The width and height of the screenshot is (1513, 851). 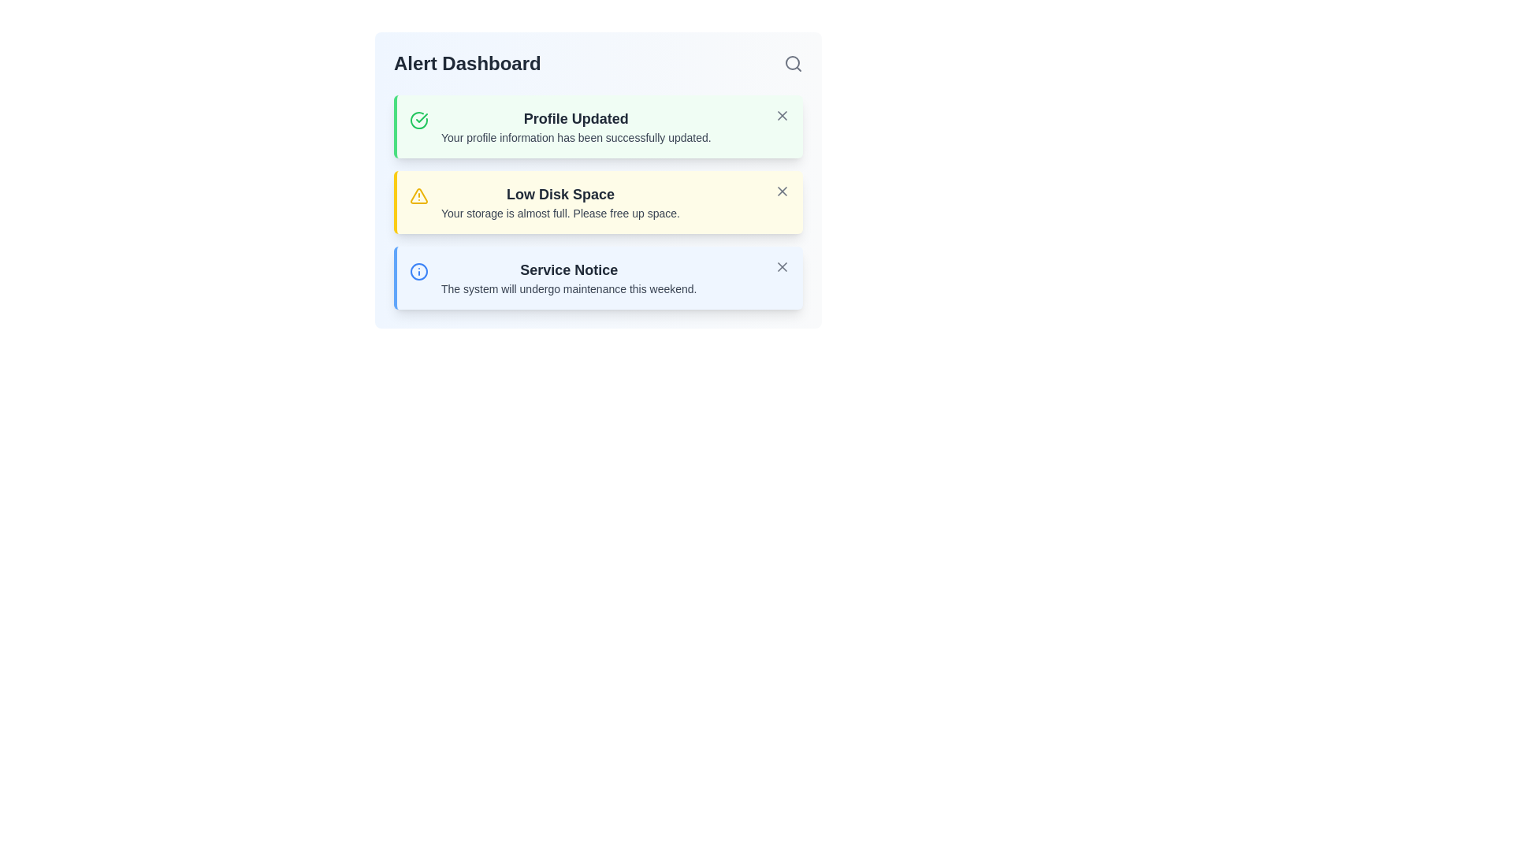 I want to click on the close button icon associated with the second alert box labeled 'Low Disk Space', so click(x=783, y=191).